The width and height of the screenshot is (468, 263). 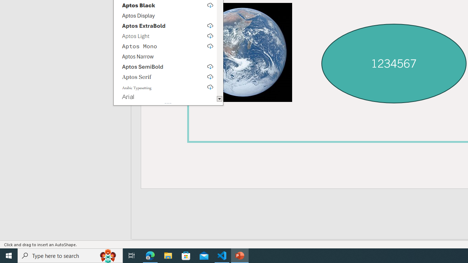 I want to click on 'Aptos Display', so click(x=165, y=15).